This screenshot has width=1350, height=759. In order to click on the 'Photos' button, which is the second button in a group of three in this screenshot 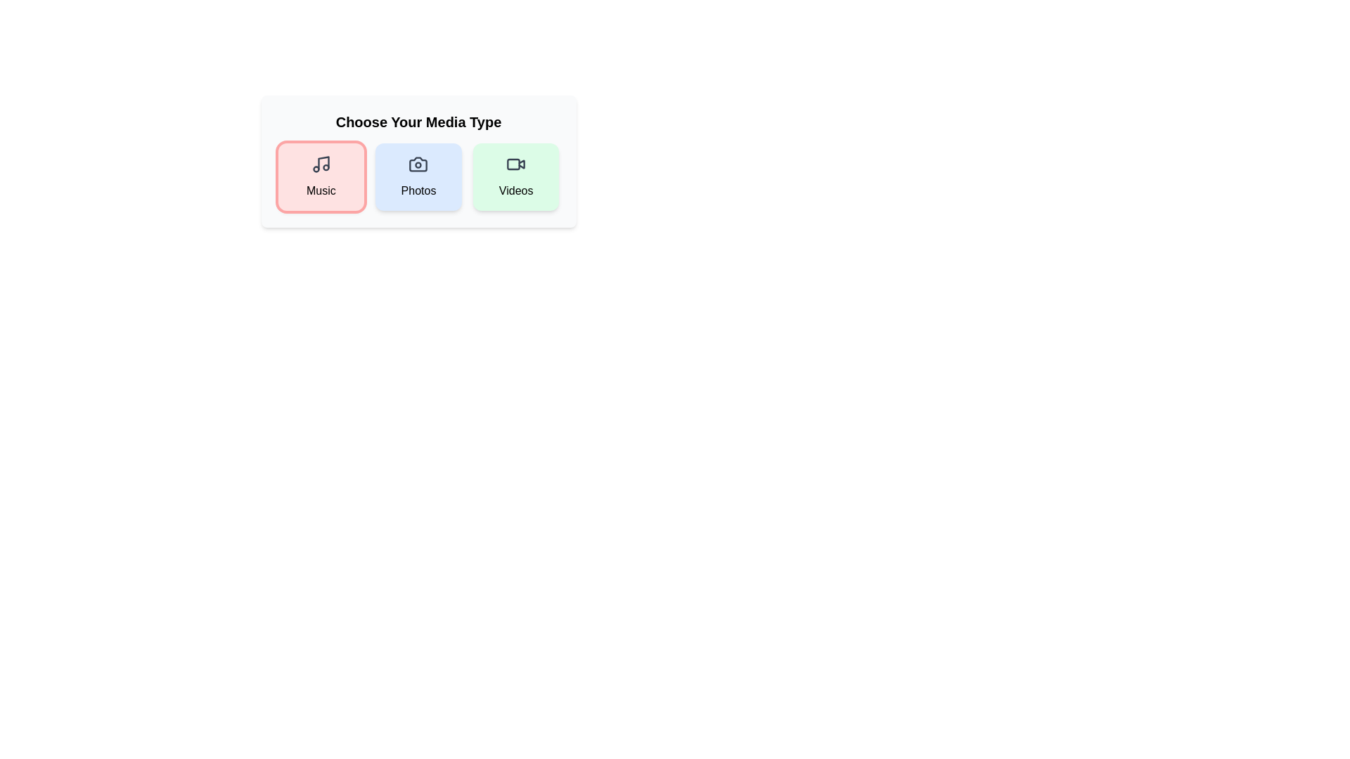, I will do `click(418, 161)`.